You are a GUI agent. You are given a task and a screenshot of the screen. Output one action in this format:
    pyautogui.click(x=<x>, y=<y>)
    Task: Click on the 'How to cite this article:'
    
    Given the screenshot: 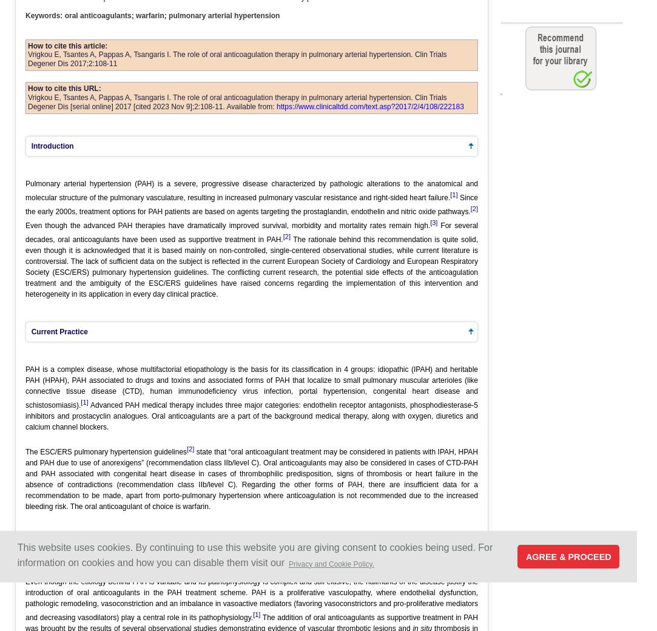 What is the action you would take?
    pyautogui.click(x=67, y=44)
    